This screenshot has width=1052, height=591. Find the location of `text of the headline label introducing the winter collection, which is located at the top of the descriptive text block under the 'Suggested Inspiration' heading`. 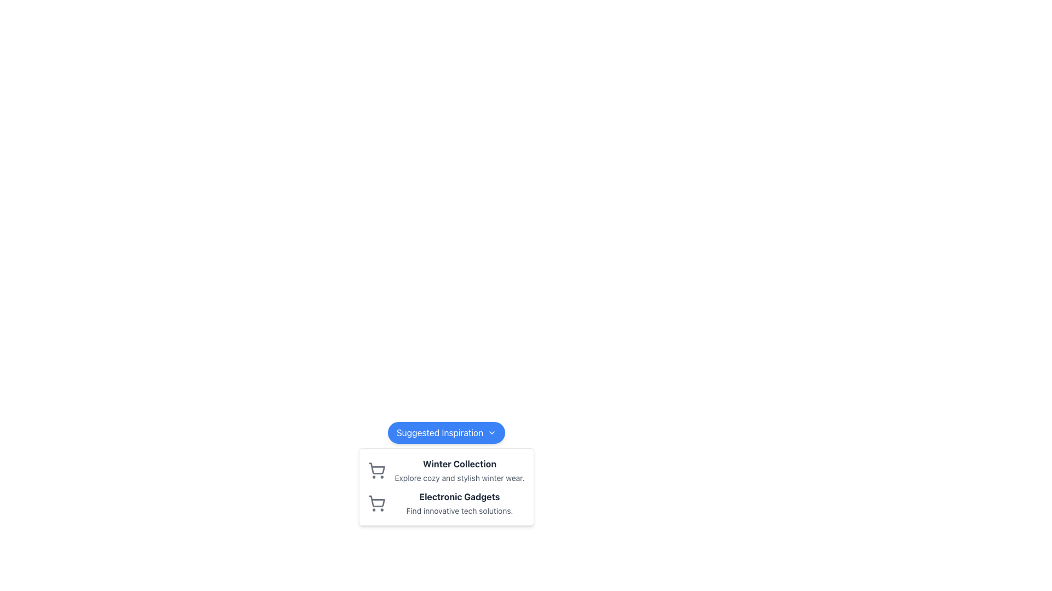

text of the headline label introducing the winter collection, which is located at the top of the descriptive text block under the 'Suggested Inspiration' heading is located at coordinates (460, 464).